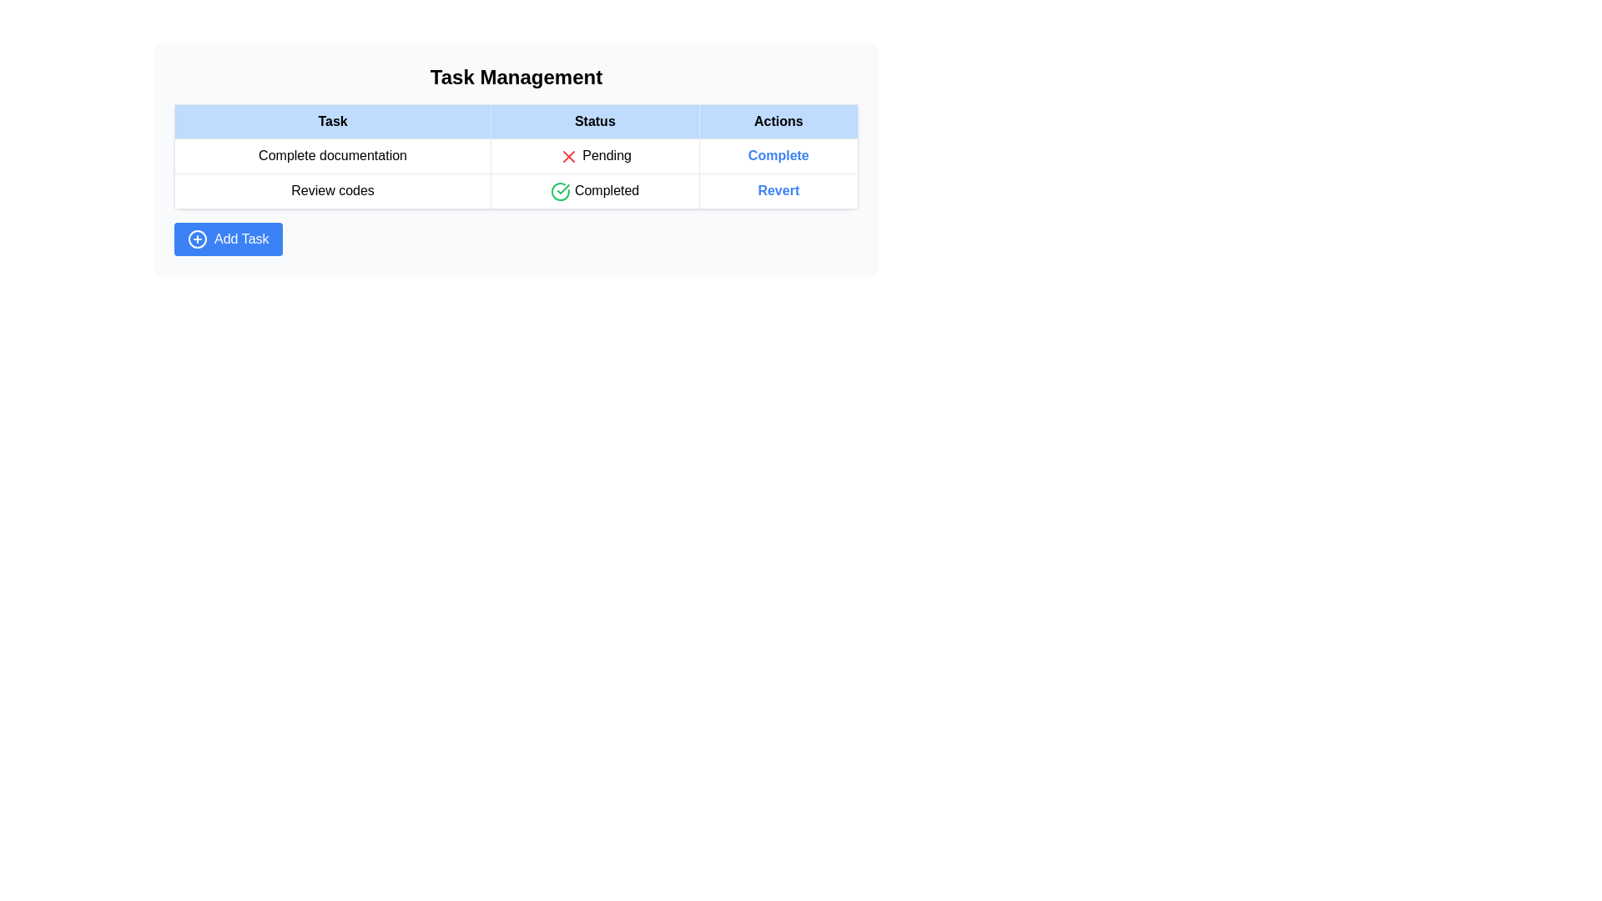 Image resolution: width=1602 pixels, height=901 pixels. Describe the element at coordinates (561, 190) in the screenshot. I see `the green circular check icon with a checkmark symbol located in the Status column of the second row of the table, which indicates completion or correctness` at that location.